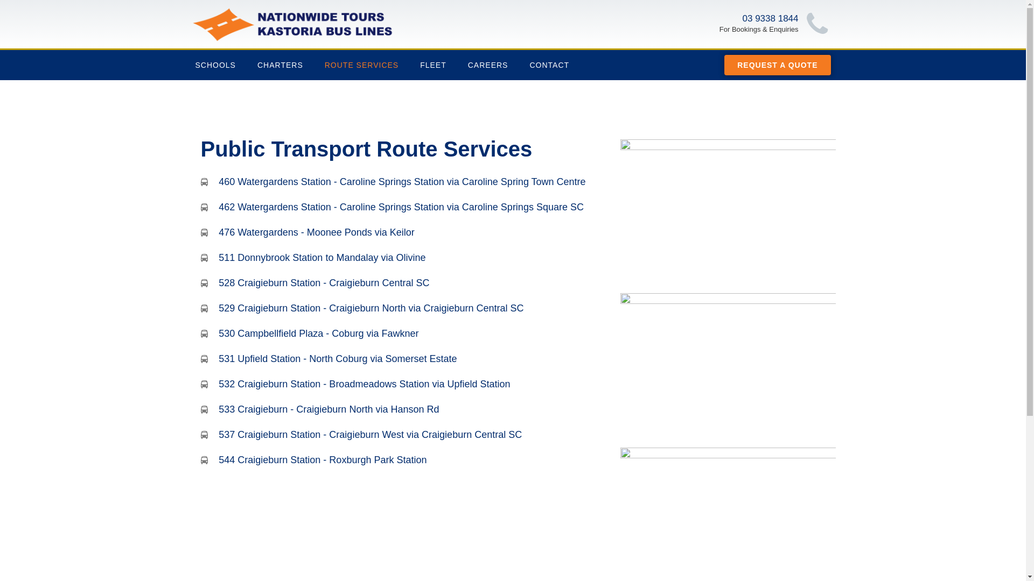 This screenshot has width=1034, height=581. What do you see at coordinates (313, 65) in the screenshot?
I see `'ROUTE SERVICES'` at bounding box center [313, 65].